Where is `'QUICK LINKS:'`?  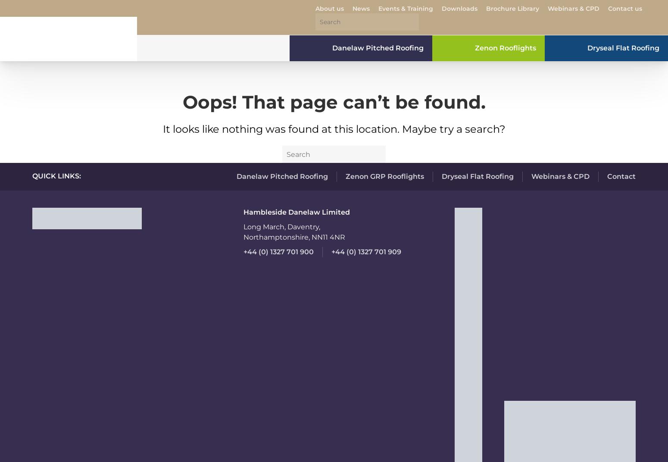 'QUICK LINKS:' is located at coordinates (56, 175).